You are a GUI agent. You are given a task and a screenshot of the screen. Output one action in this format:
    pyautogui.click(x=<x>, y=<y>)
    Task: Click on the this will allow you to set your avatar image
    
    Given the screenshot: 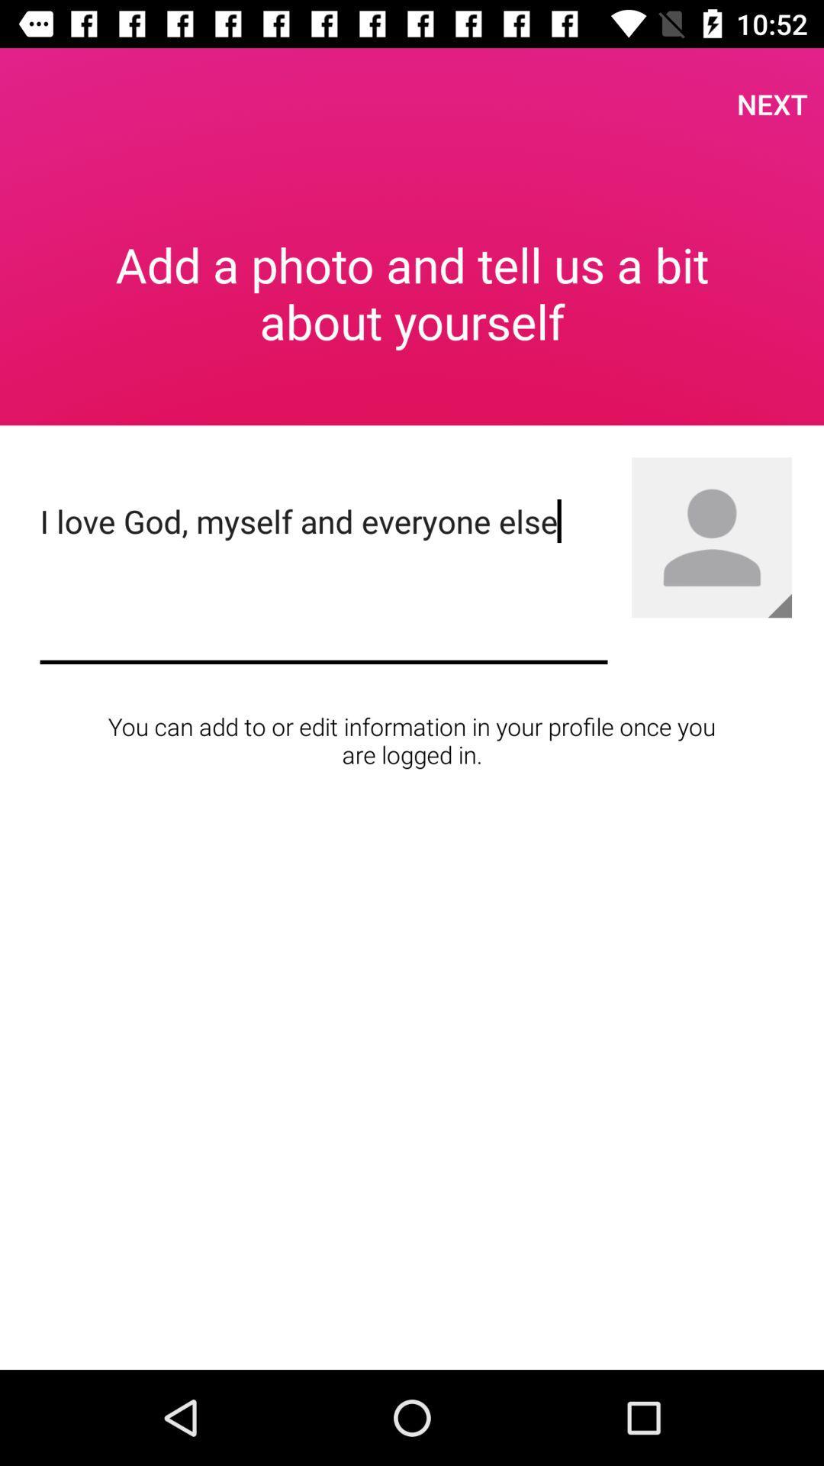 What is the action you would take?
    pyautogui.click(x=712, y=538)
    